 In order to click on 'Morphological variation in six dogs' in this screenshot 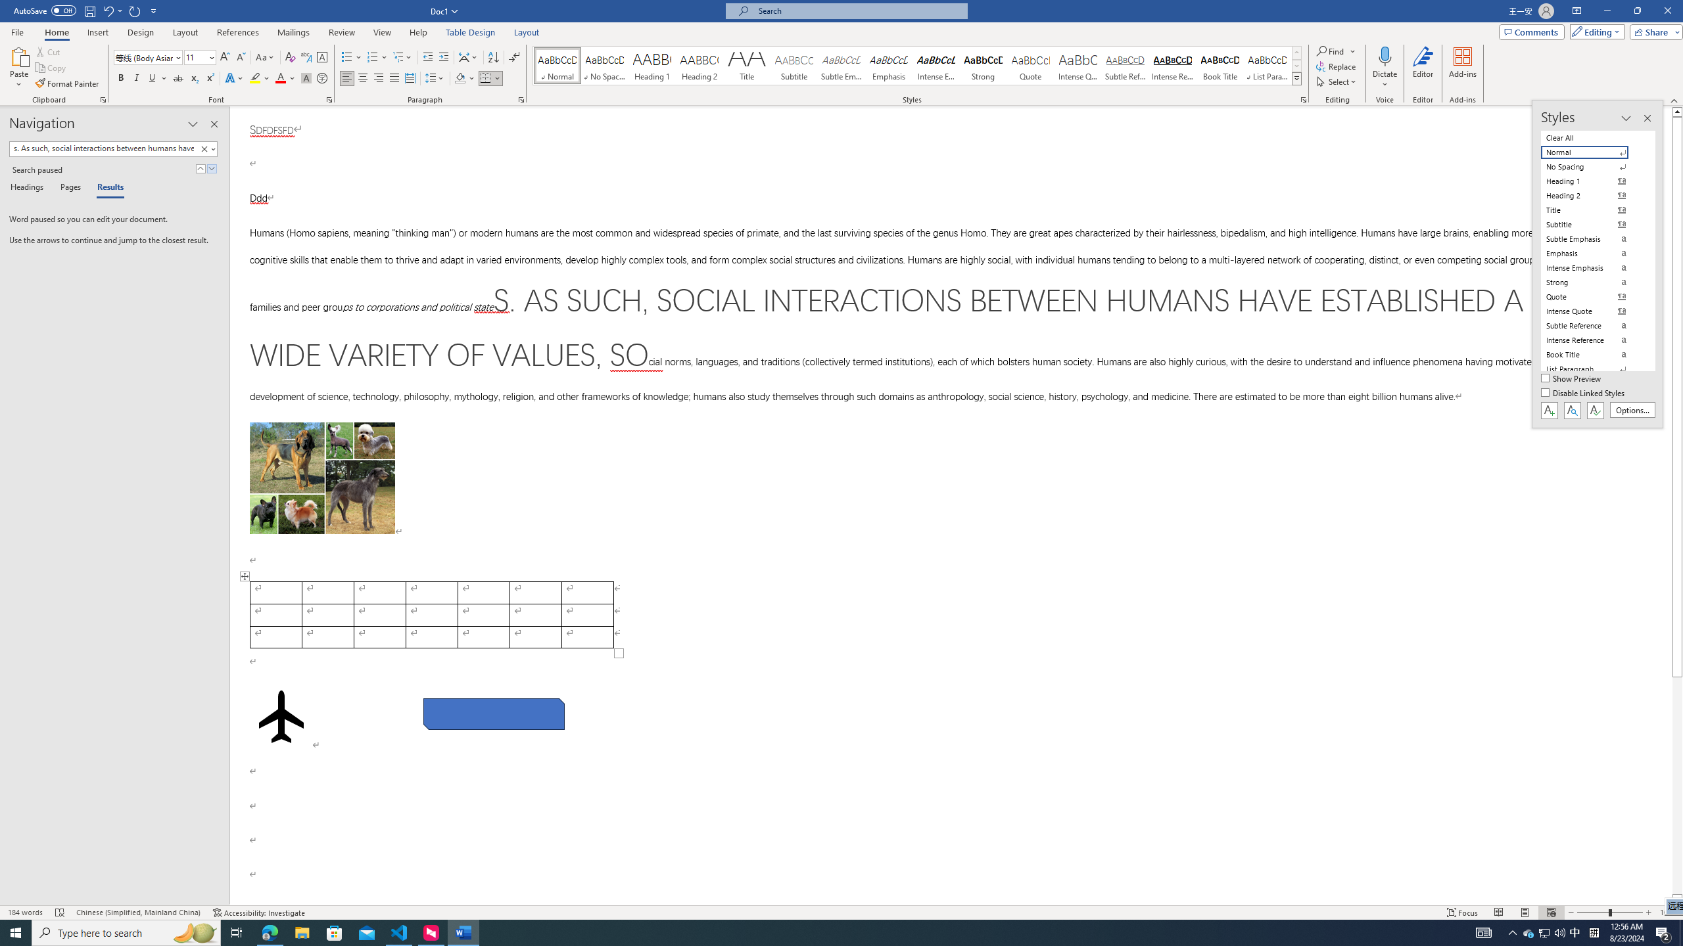, I will do `click(321, 478)`.